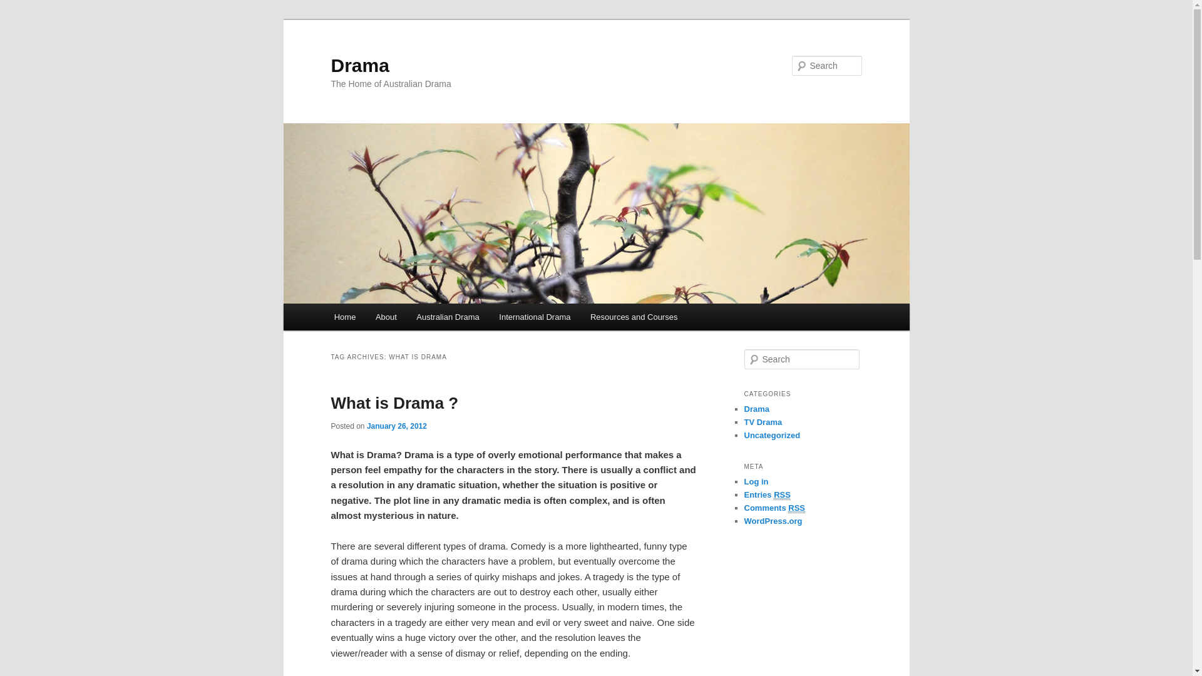 The height and width of the screenshot is (676, 1202). Describe the element at coordinates (744, 434) in the screenshot. I see `'Uncategorized'` at that location.